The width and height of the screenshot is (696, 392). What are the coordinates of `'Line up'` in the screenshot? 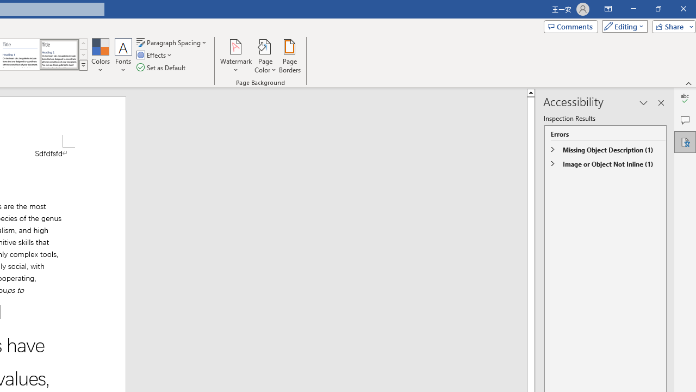 It's located at (531, 91).